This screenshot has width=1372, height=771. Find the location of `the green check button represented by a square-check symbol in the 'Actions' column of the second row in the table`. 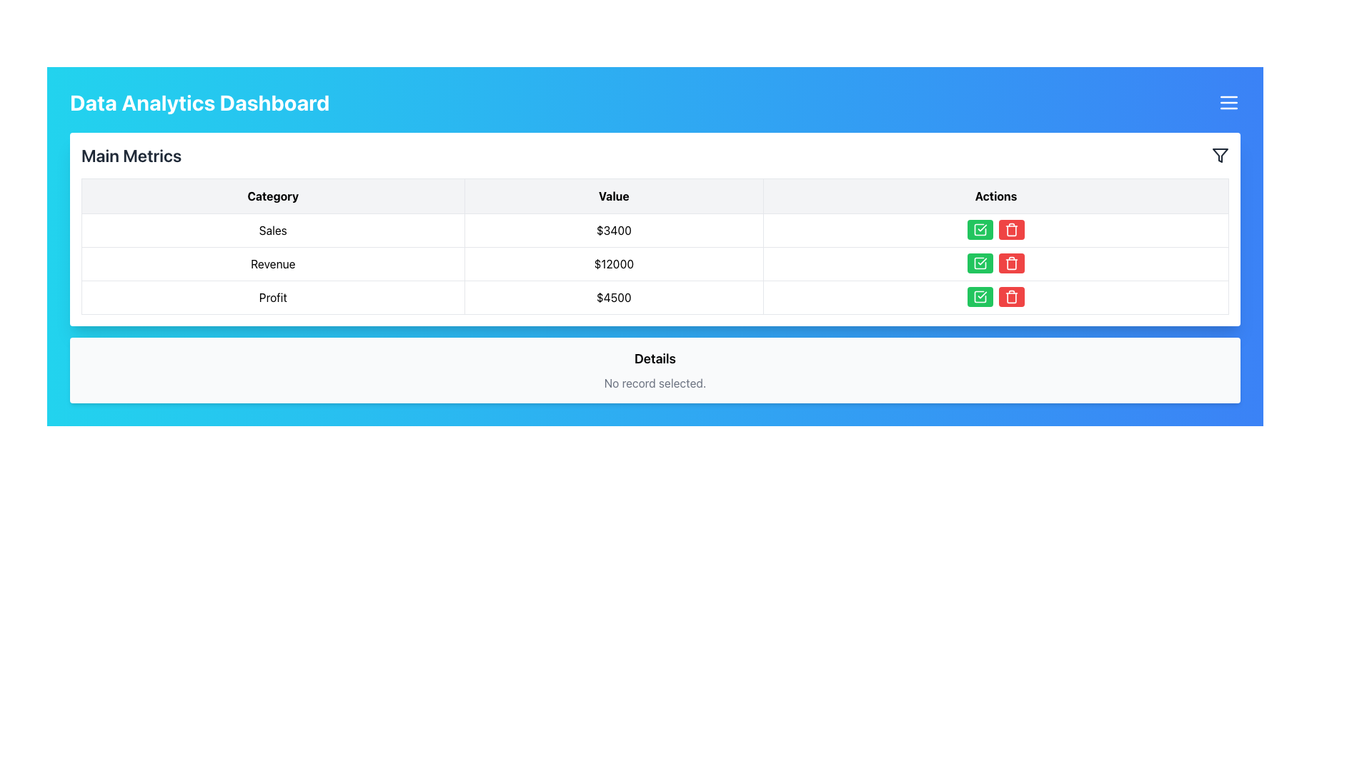

the green check button represented by a square-check symbol in the 'Actions' column of the second row in the table is located at coordinates (980, 228).